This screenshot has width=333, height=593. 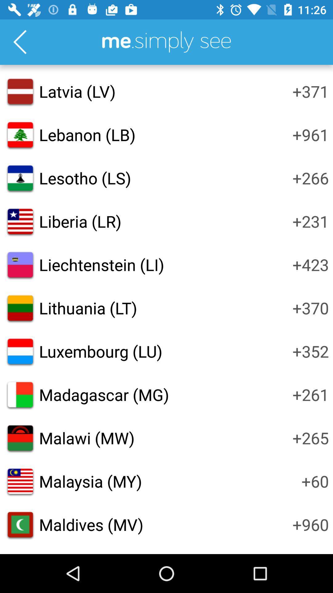 I want to click on the icon below the +352, so click(x=310, y=394).